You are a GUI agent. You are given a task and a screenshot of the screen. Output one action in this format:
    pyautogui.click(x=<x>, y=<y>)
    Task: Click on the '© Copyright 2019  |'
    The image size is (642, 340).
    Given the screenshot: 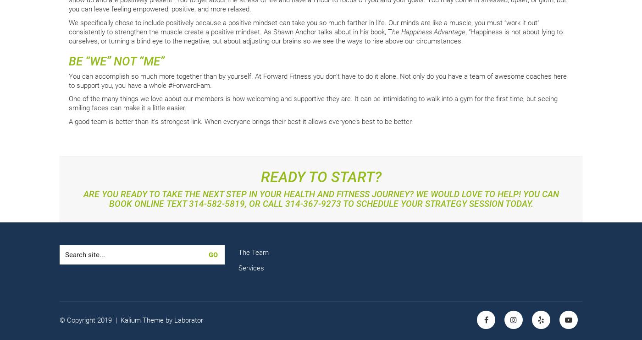 What is the action you would take?
    pyautogui.click(x=90, y=320)
    